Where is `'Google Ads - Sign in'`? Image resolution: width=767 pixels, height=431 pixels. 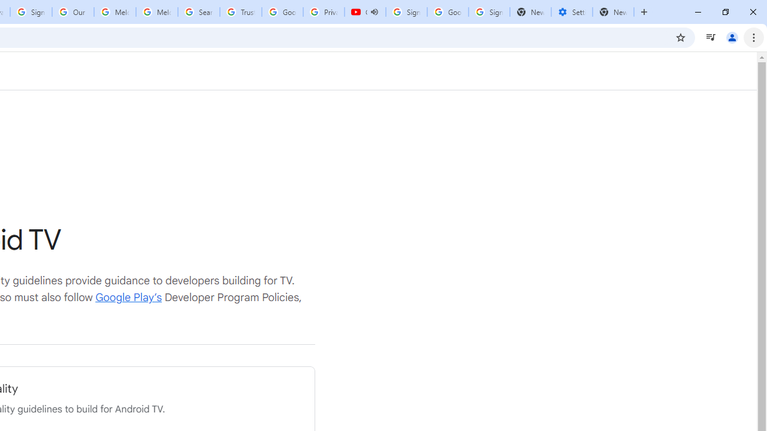
'Google Ads - Sign in' is located at coordinates (282, 12).